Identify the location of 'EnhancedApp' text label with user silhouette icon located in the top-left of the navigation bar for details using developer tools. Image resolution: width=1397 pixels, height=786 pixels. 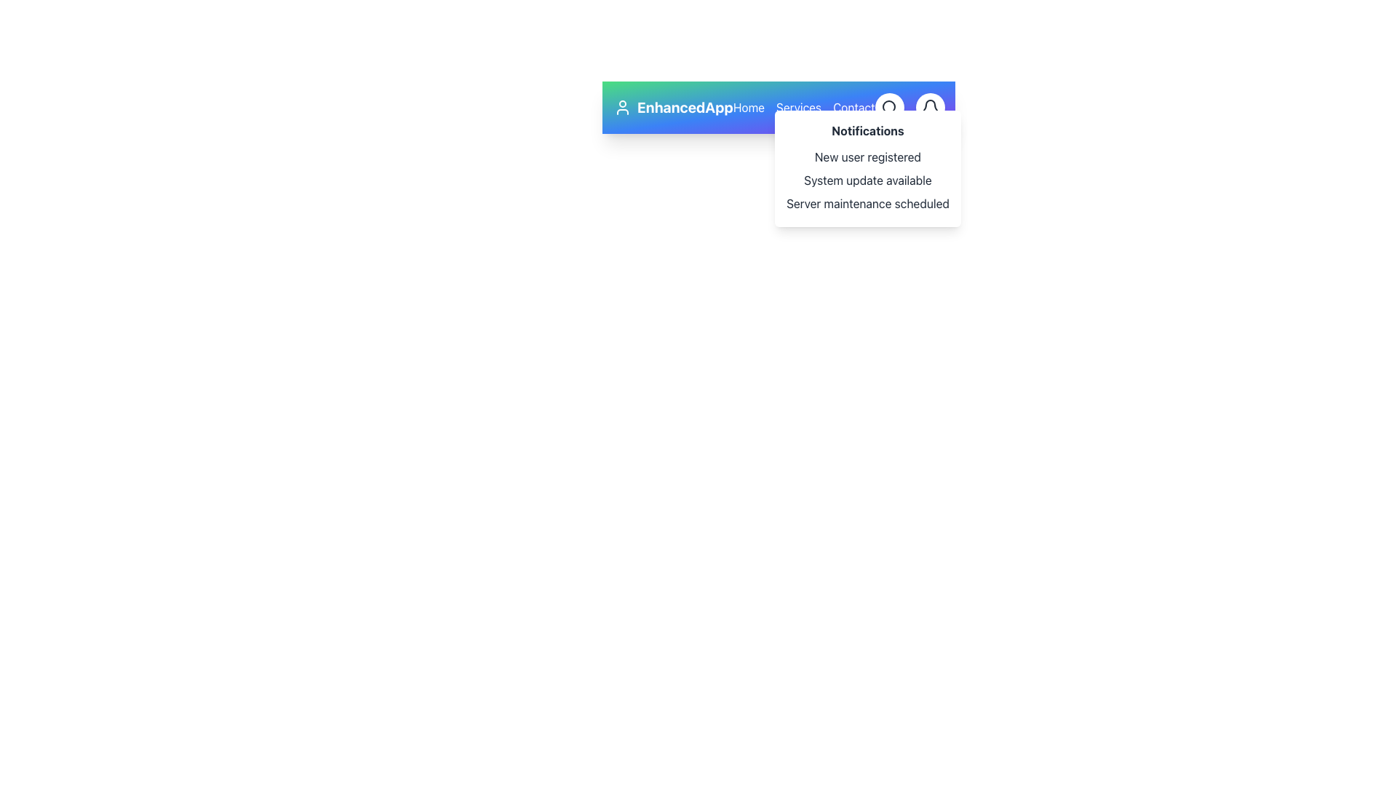
(672, 106).